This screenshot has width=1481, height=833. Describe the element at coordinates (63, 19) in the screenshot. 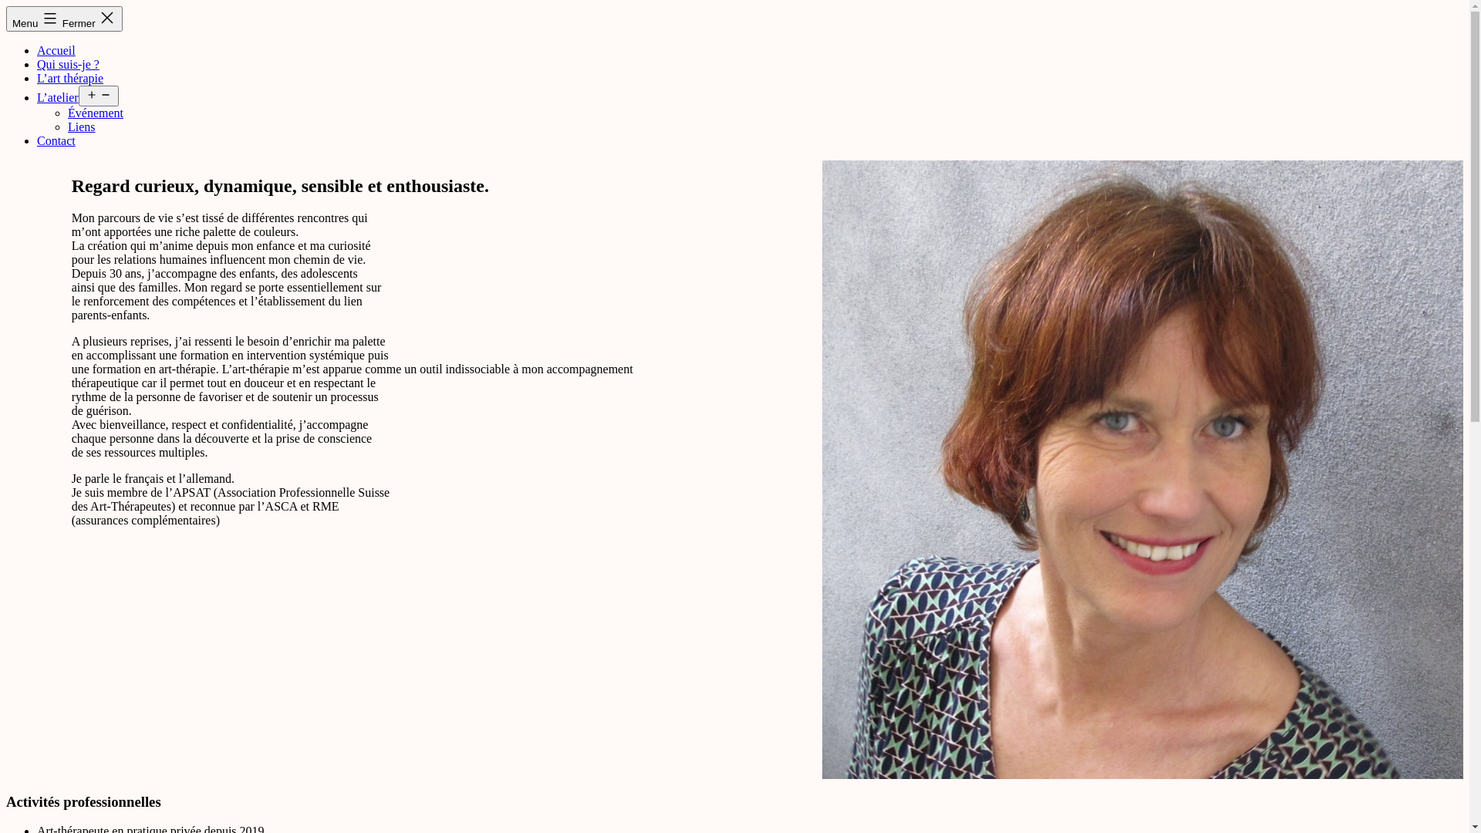

I see `'Menu Fermer'` at that location.